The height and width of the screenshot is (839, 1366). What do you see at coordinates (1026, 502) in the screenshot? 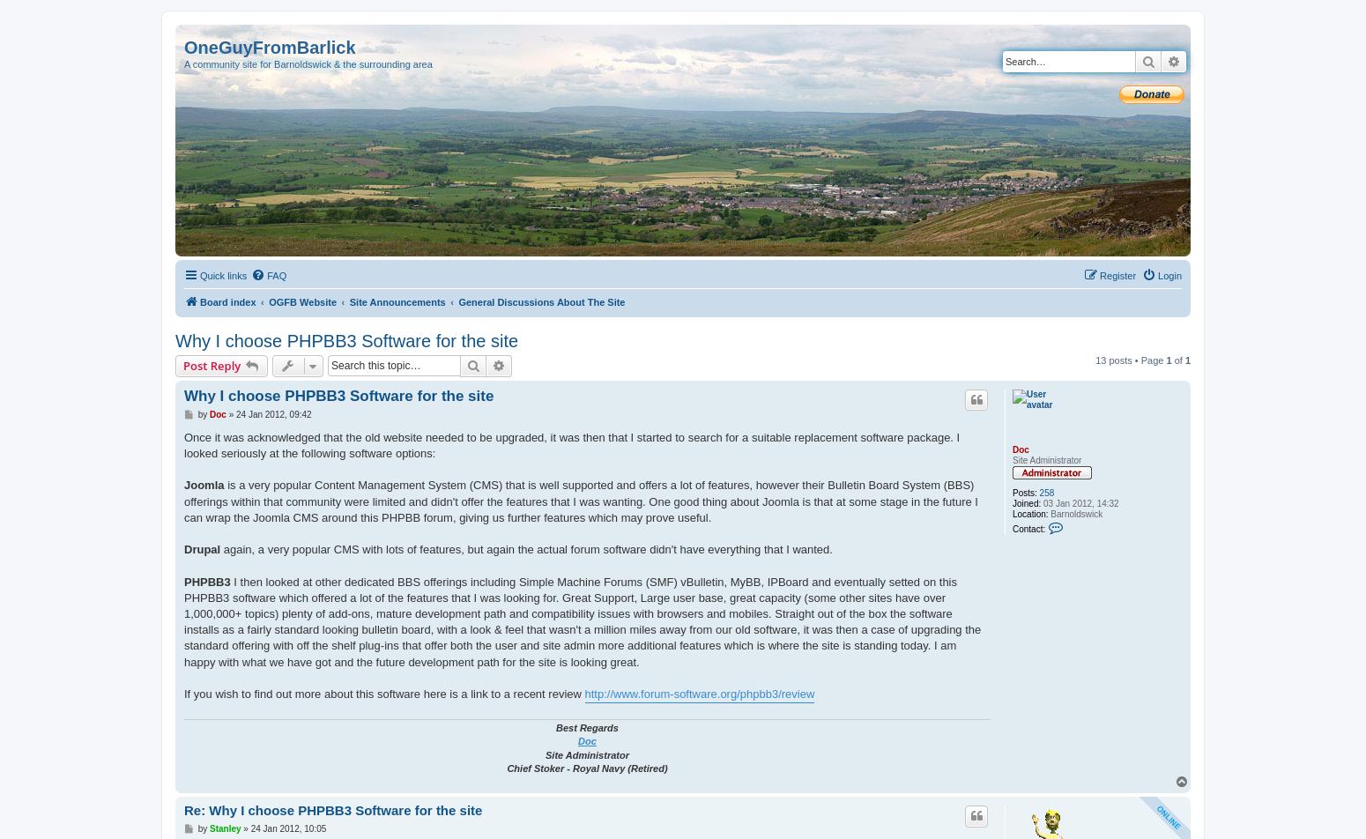
I see `'Joined:'` at bounding box center [1026, 502].